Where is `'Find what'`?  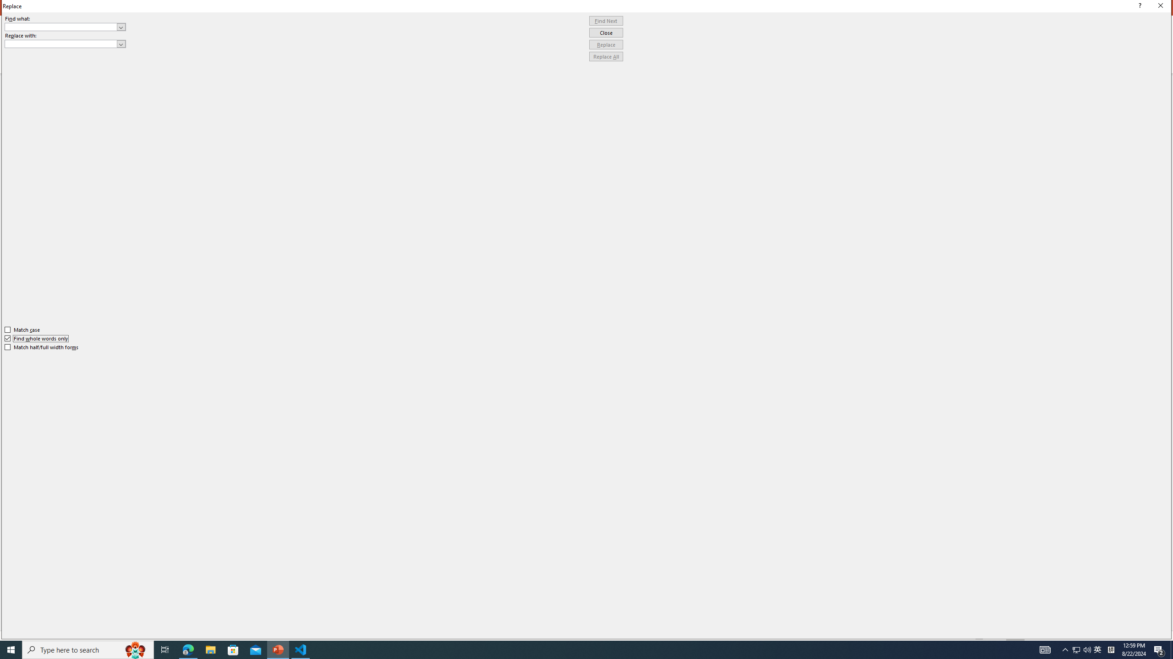
'Find what' is located at coordinates (61, 27).